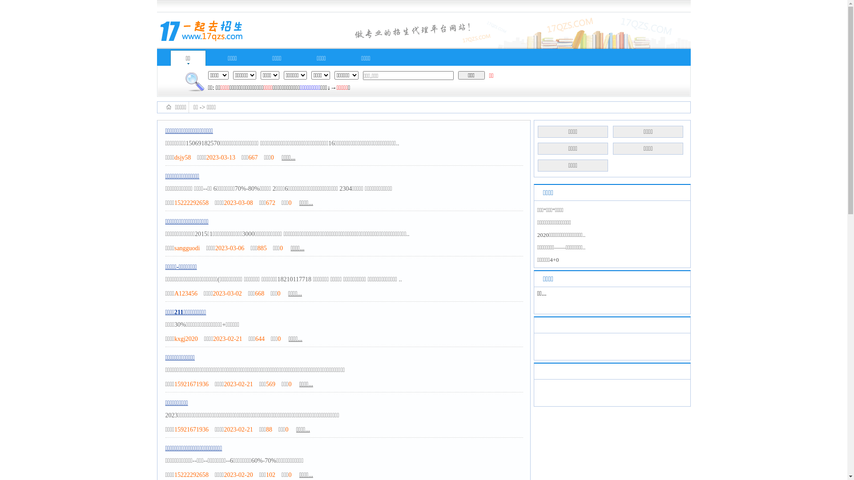 This screenshot has height=480, width=854. Describe the element at coordinates (191, 203) in the screenshot. I see `'15222292658'` at that location.